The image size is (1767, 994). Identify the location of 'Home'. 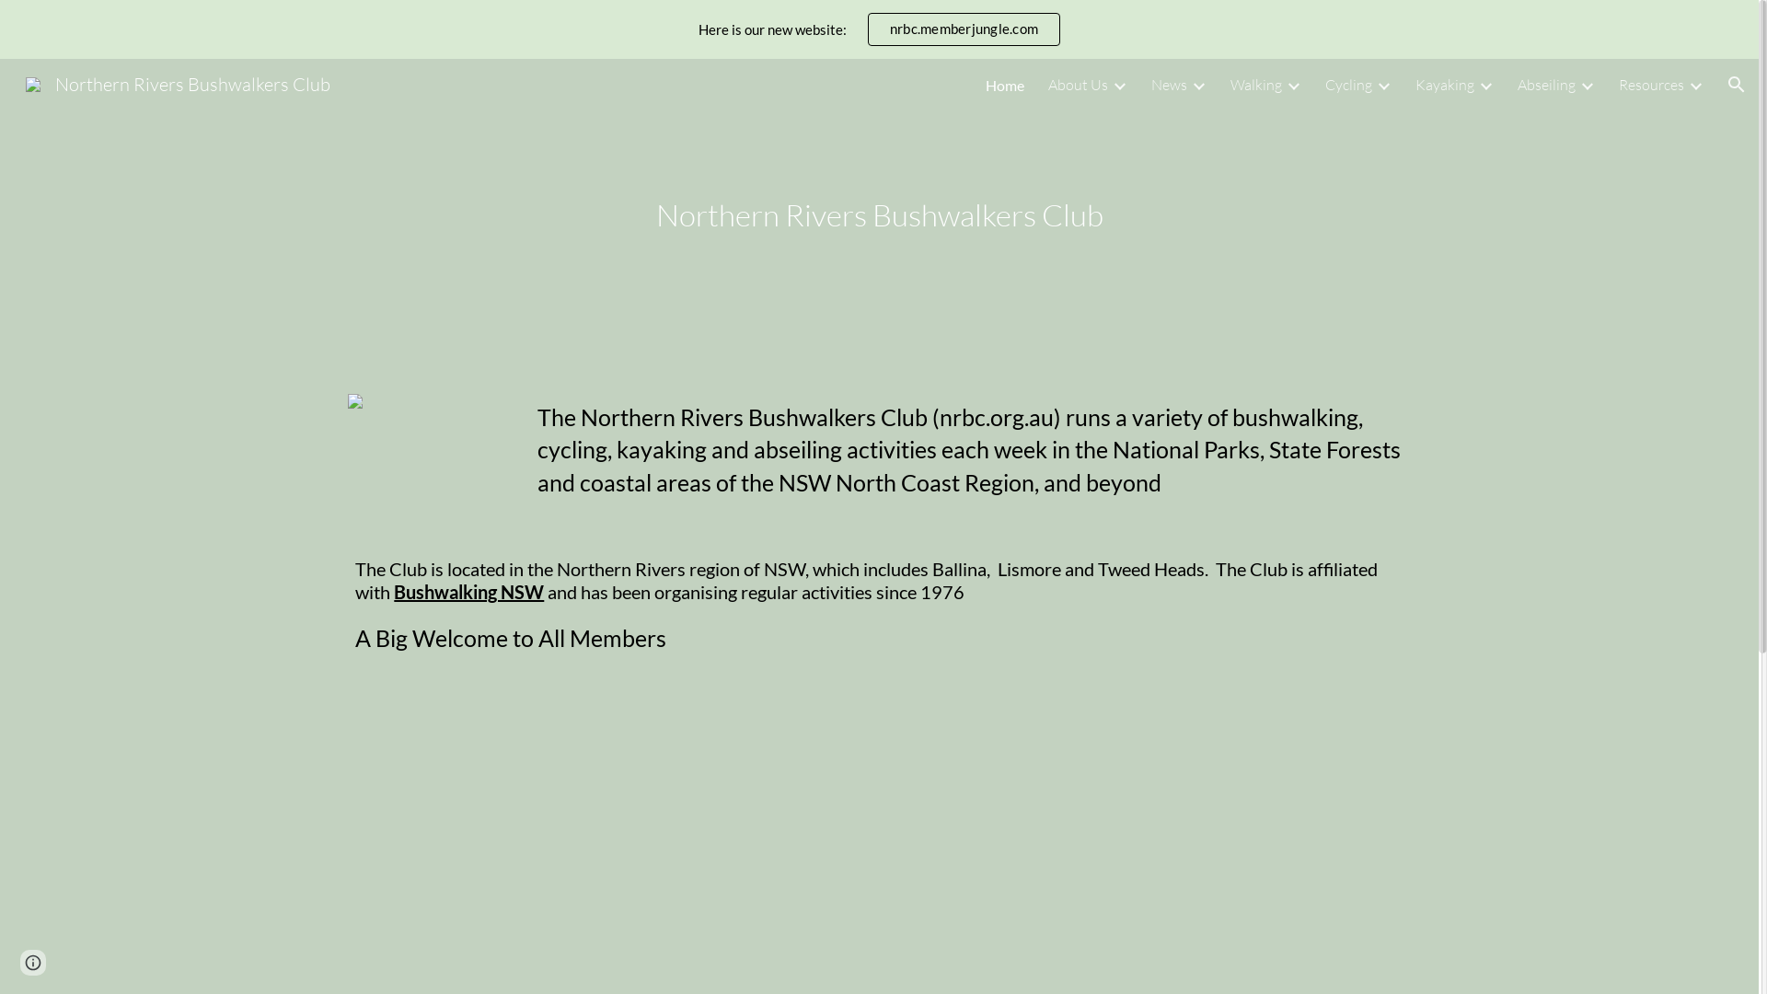
(1004, 84).